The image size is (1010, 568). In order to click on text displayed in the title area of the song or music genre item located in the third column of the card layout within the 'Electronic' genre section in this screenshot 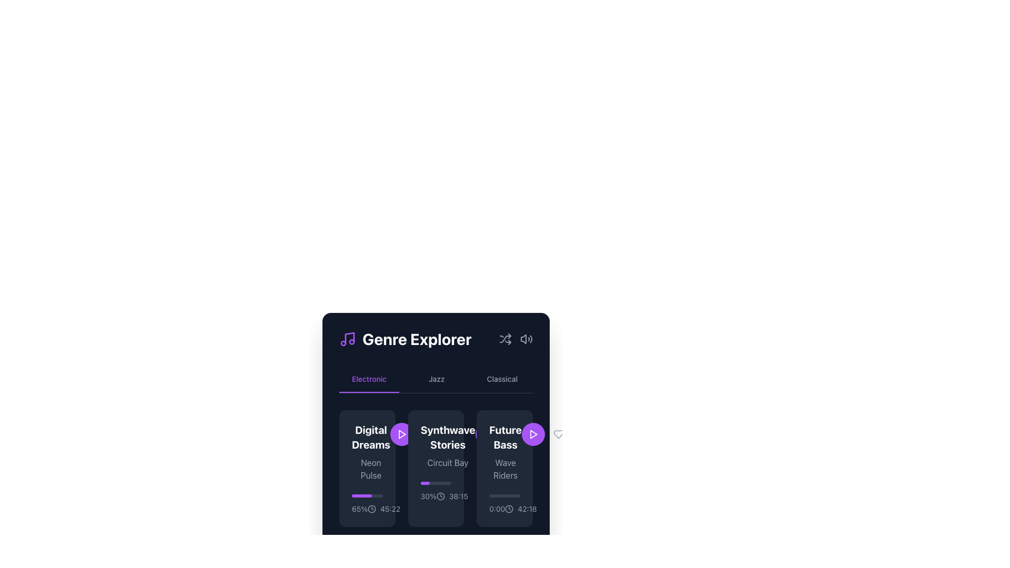, I will do `click(504, 452)`.